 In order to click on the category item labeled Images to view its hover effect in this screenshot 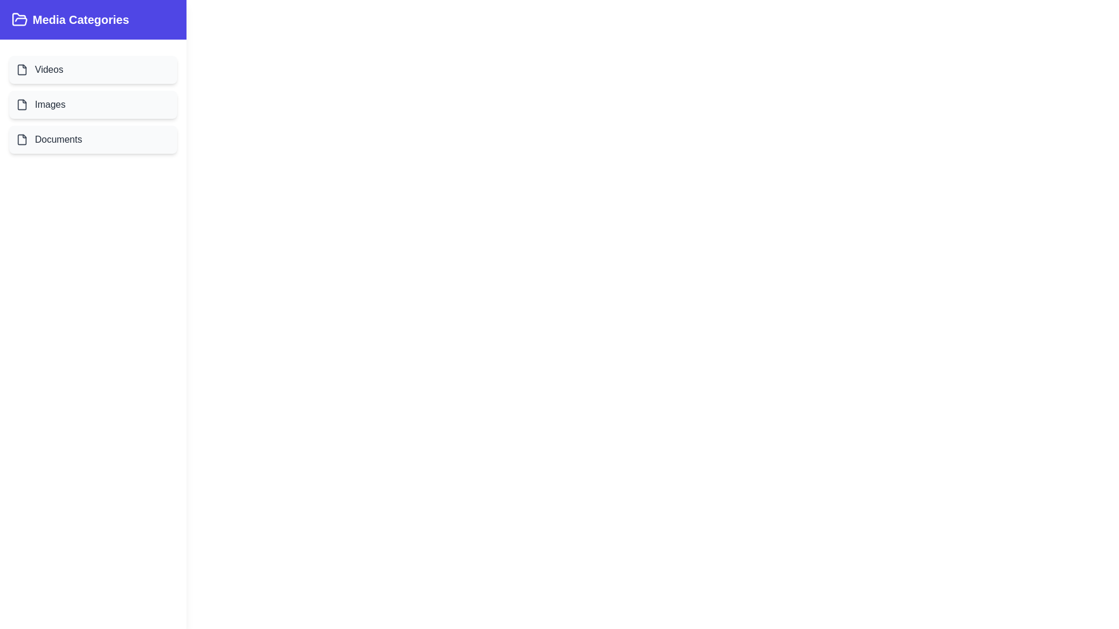, I will do `click(92, 105)`.